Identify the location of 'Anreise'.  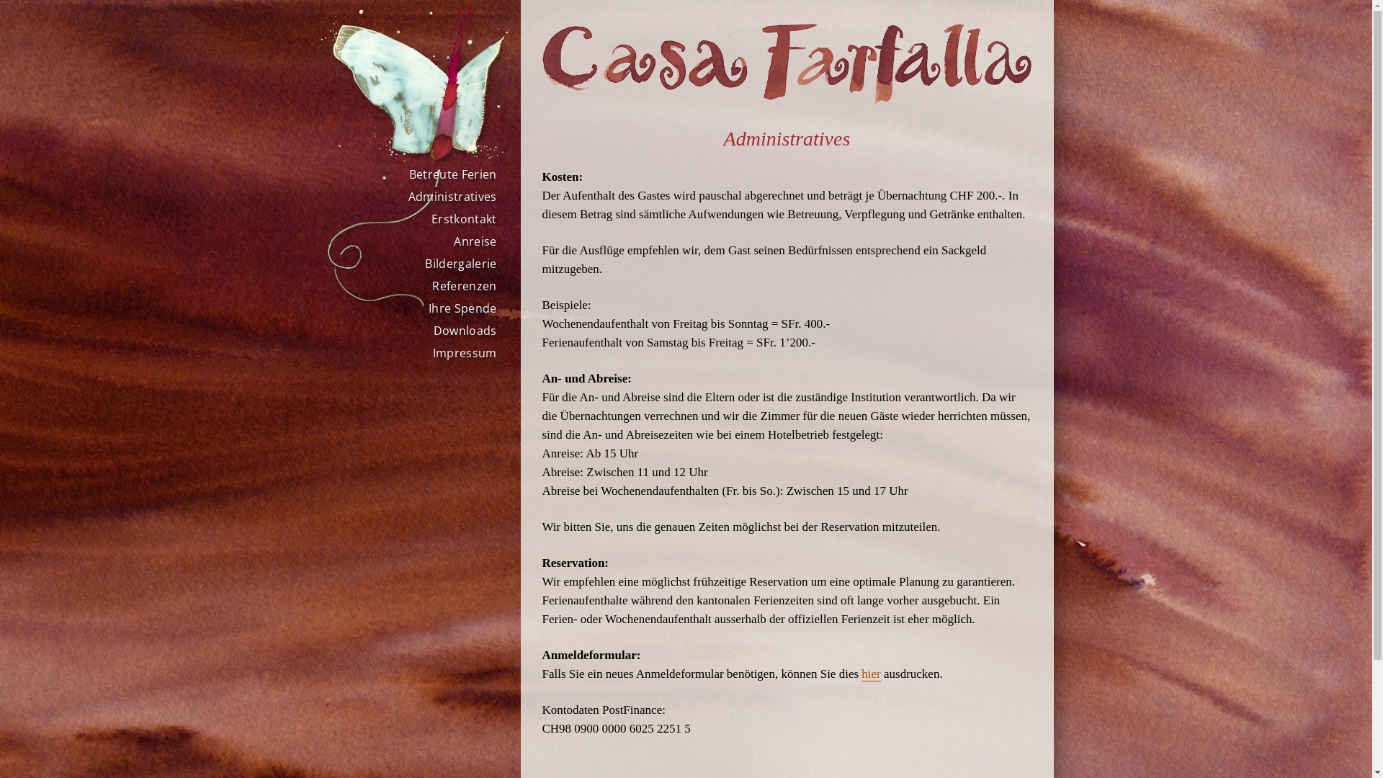
(475, 241).